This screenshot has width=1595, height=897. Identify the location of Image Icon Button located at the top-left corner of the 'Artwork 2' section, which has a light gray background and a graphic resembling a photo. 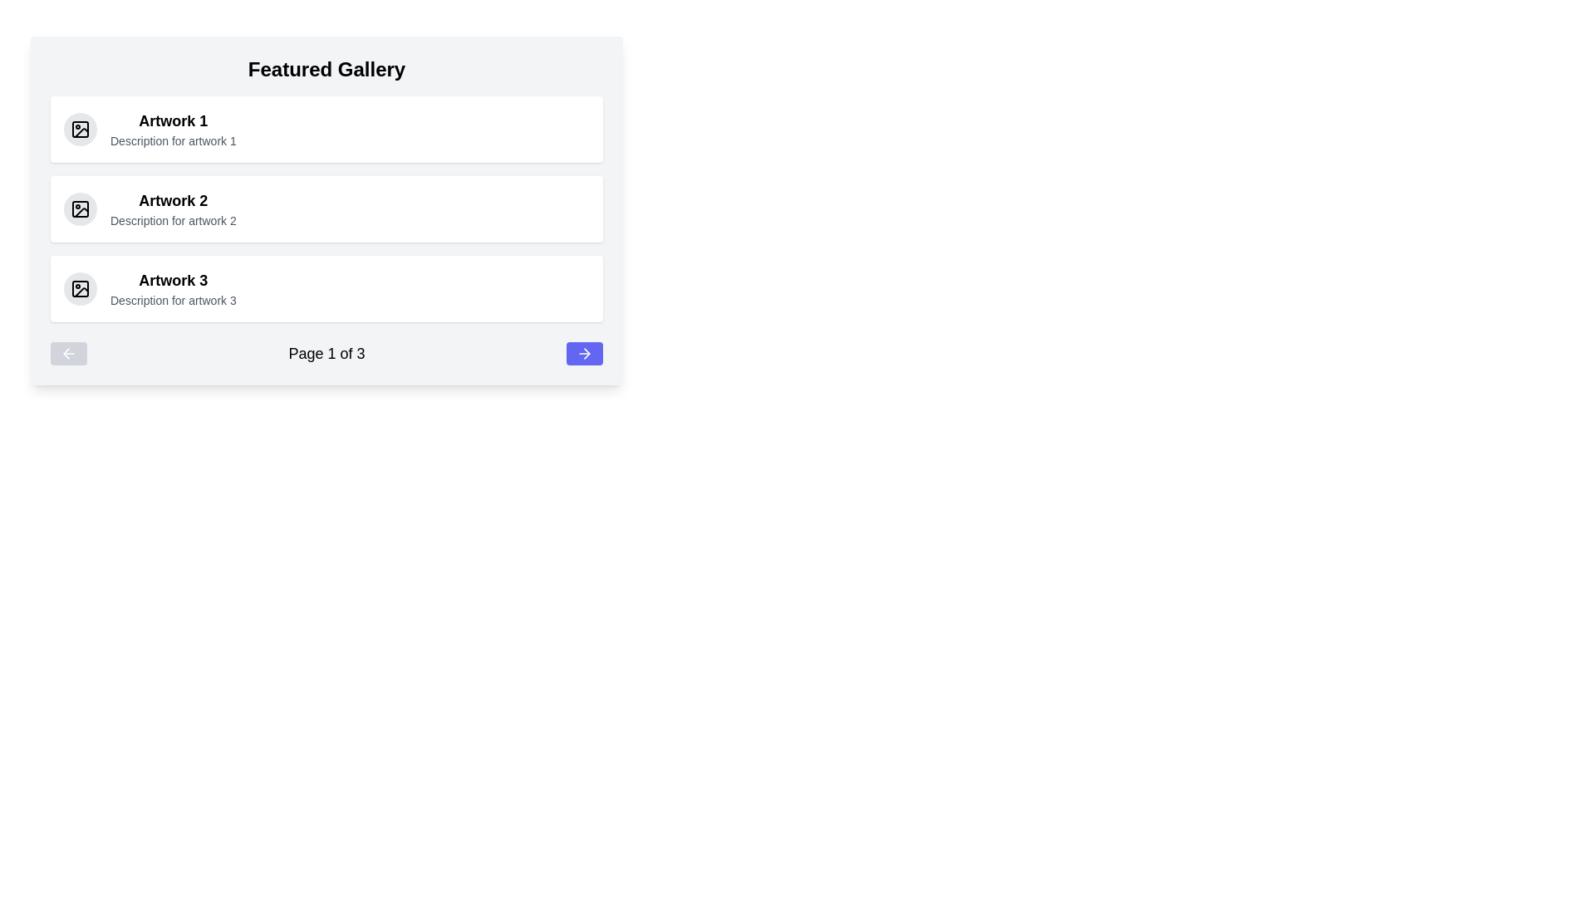
(79, 208).